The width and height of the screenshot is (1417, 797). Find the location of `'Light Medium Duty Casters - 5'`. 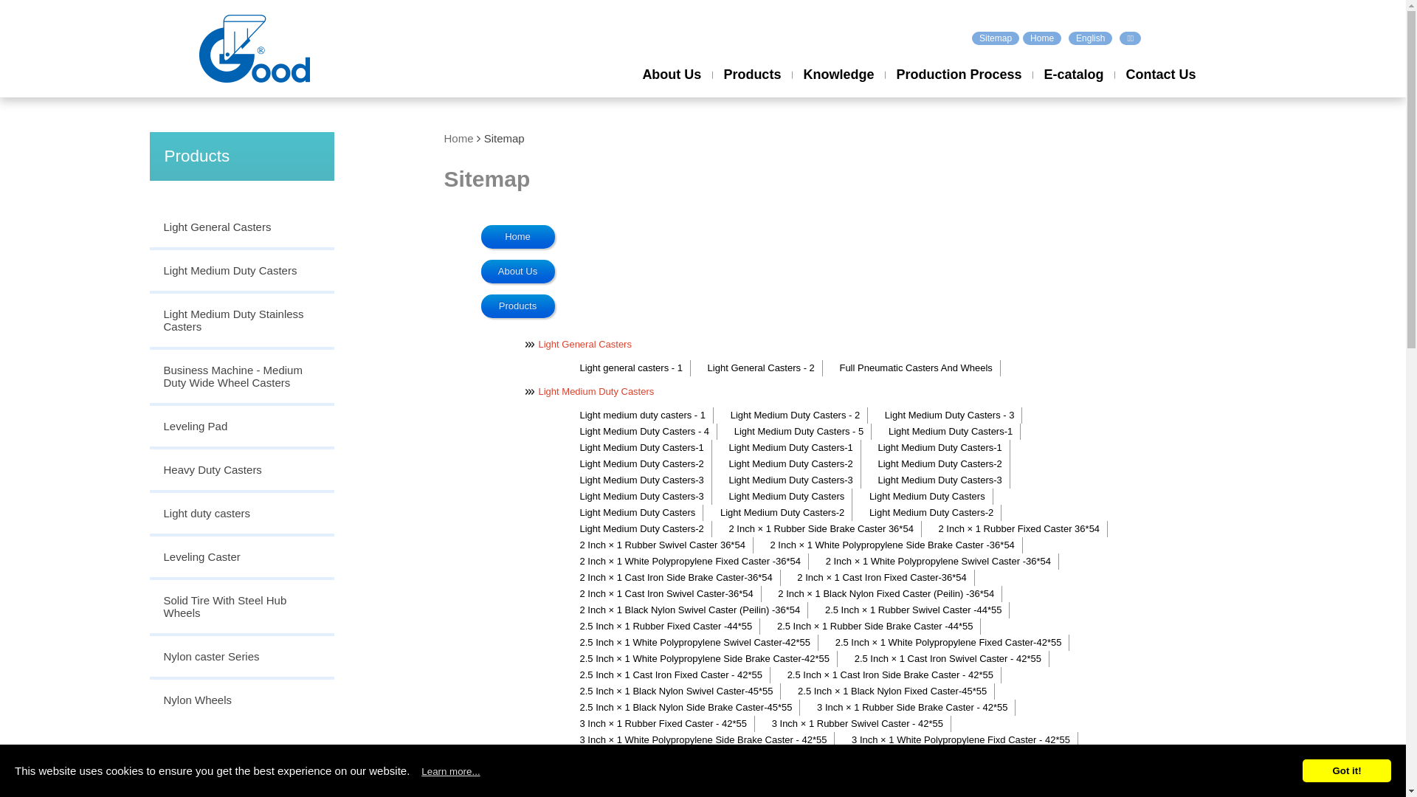

'Light Medium Duty Casters - 5' is located at coordinates (723, 432).